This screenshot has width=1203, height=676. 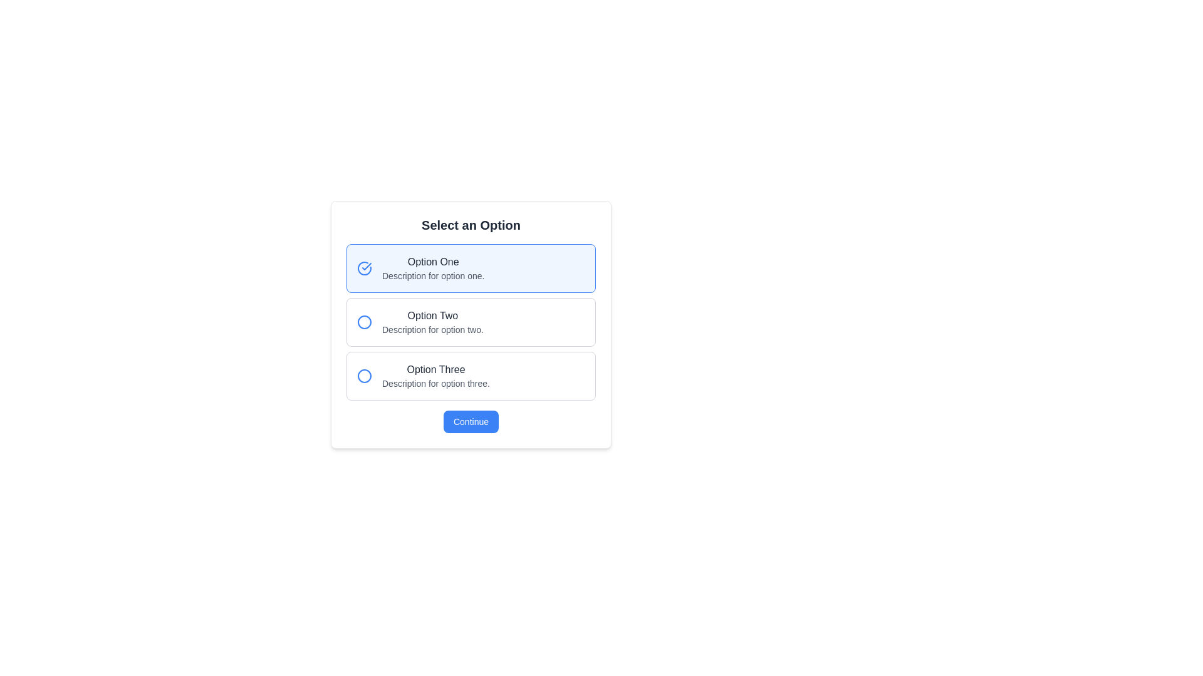 What do you see at coordinates (471, 376) in the screenshot?
I see `the selectable option block titled 'Option Three'` at bounding box center [471, 376].